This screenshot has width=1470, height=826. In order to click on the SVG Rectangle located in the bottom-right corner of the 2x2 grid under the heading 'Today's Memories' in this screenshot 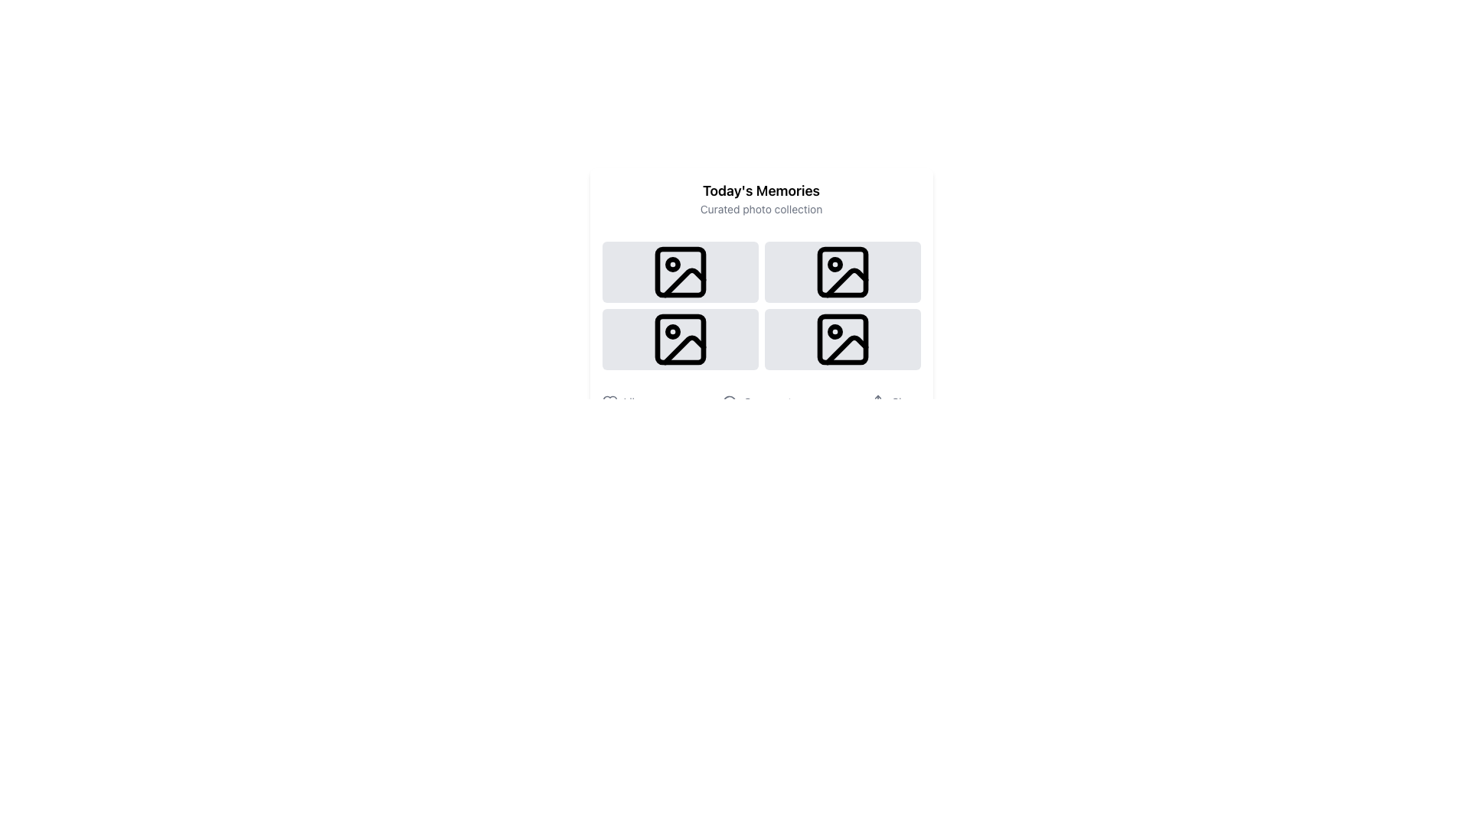, I will do `click(841, 338)`.